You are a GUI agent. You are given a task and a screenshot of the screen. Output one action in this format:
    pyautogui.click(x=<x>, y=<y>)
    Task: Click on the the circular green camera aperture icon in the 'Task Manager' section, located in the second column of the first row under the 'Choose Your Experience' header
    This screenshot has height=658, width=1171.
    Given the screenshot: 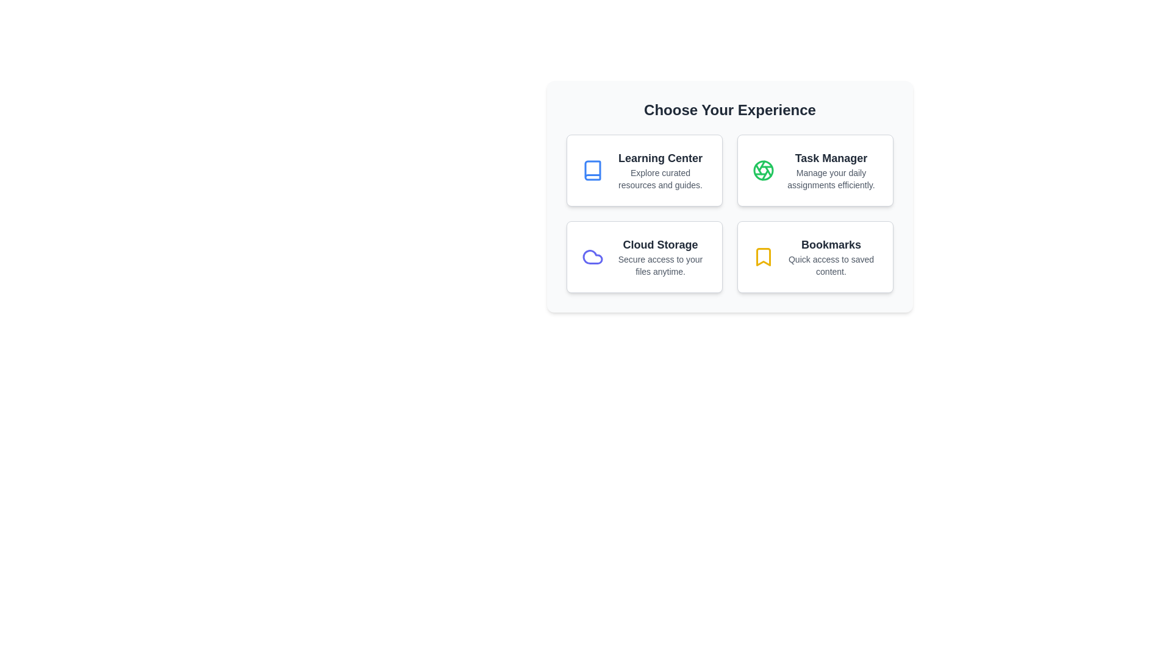 What is the action you would take?
    pyautogui.click(x=763, y=171)
    